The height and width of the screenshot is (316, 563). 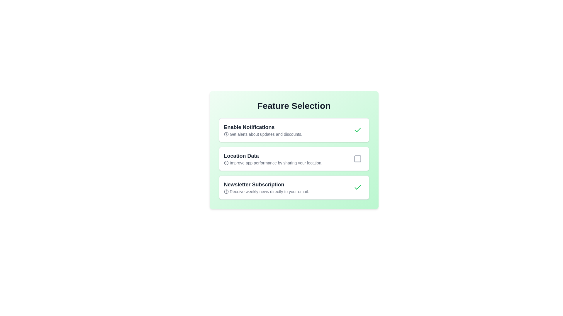 I want to click on the Text Label that serves as the title for the newsletter subscription section, located near the bottom of the options list and aligned with other headers, so click(x=266, y=185).